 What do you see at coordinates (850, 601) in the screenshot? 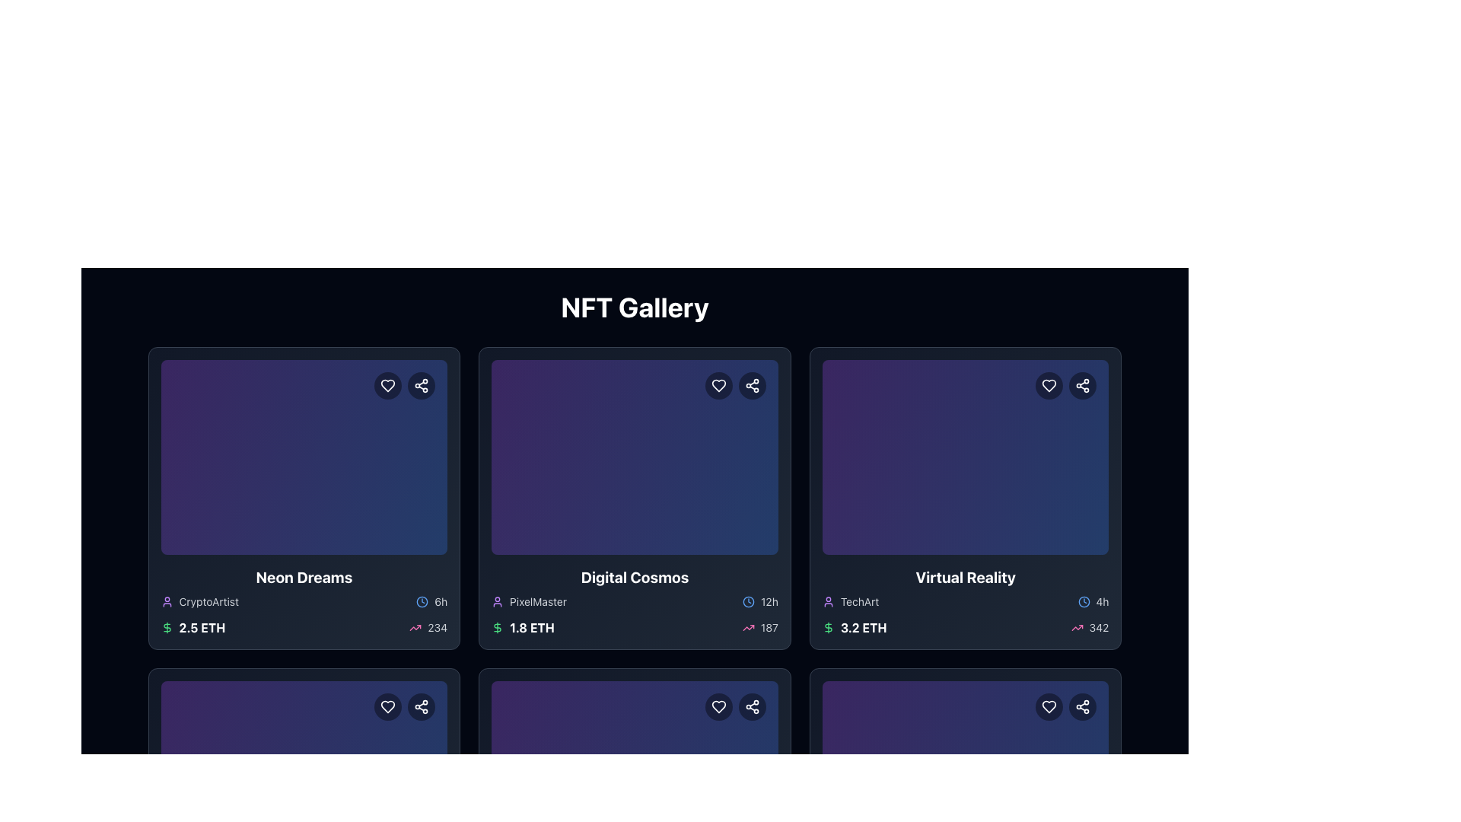
I see `text label displaying the name of the creator located in the lower section of the third tile in the top row of the NFT gallery, positioned above the monetary value '3.2 ETH' and next to a purple user icon` at bounding box center [850, 601].